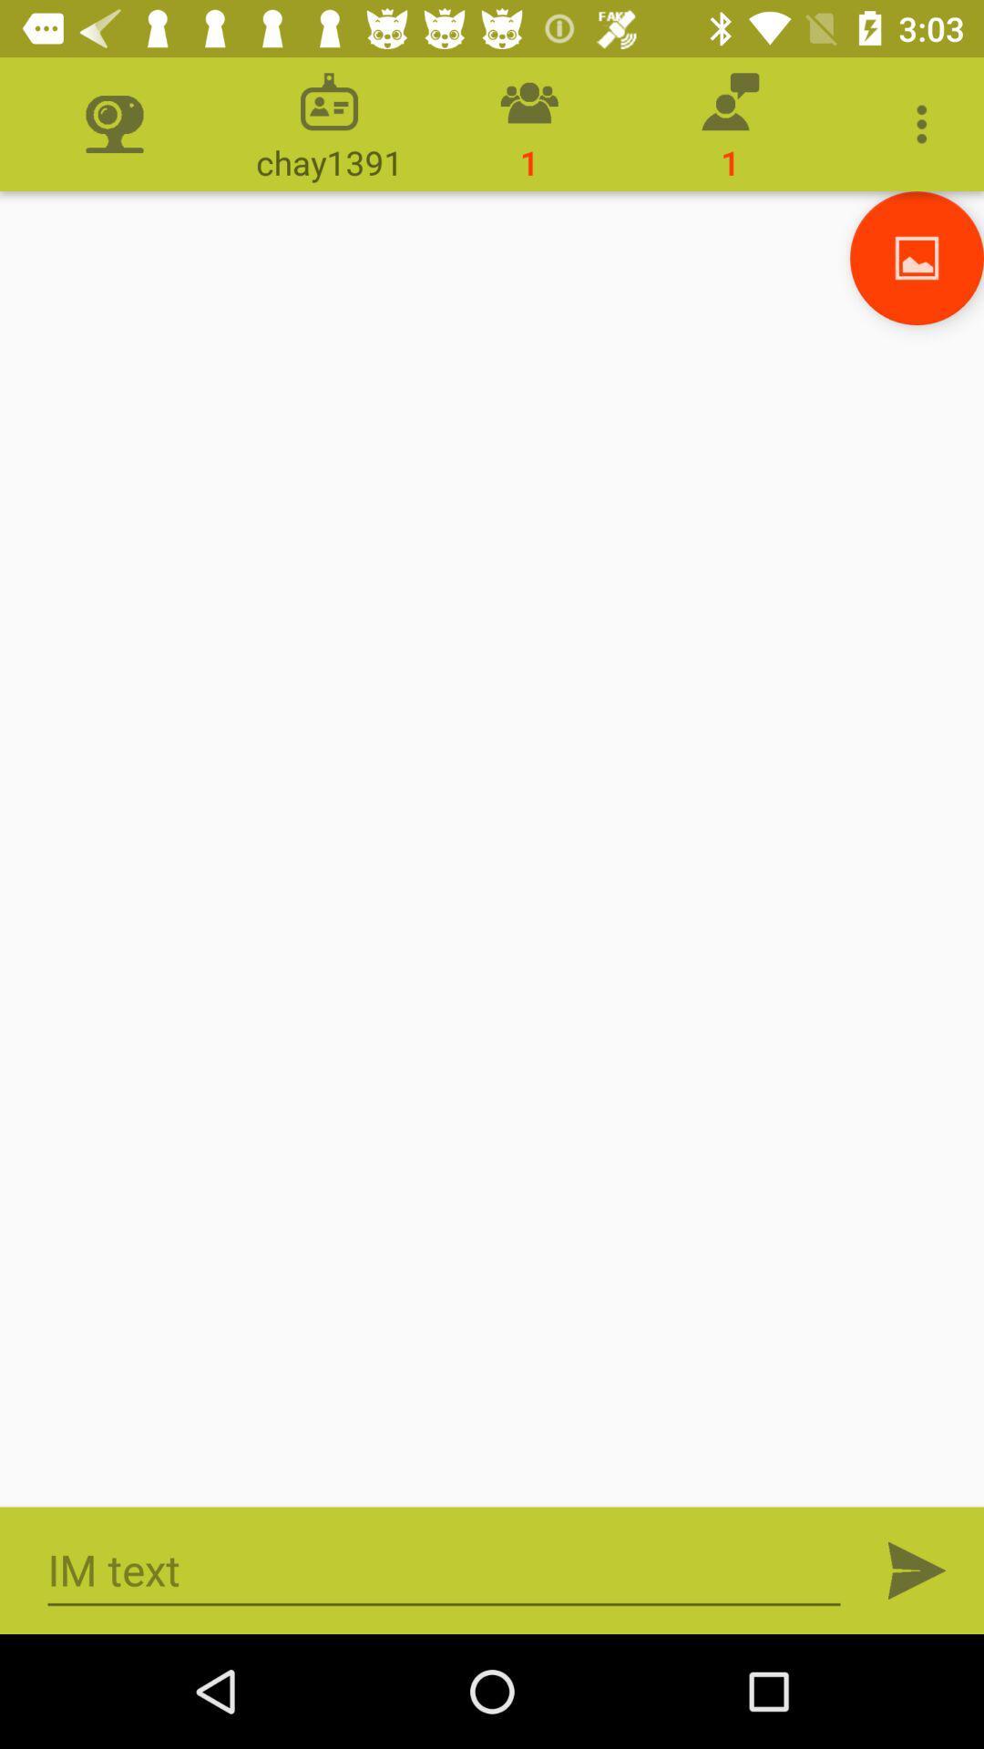  What do you see at coordinates (917, 257) in the screenshot?
I see `image opption` at bounding box center [917, 257].